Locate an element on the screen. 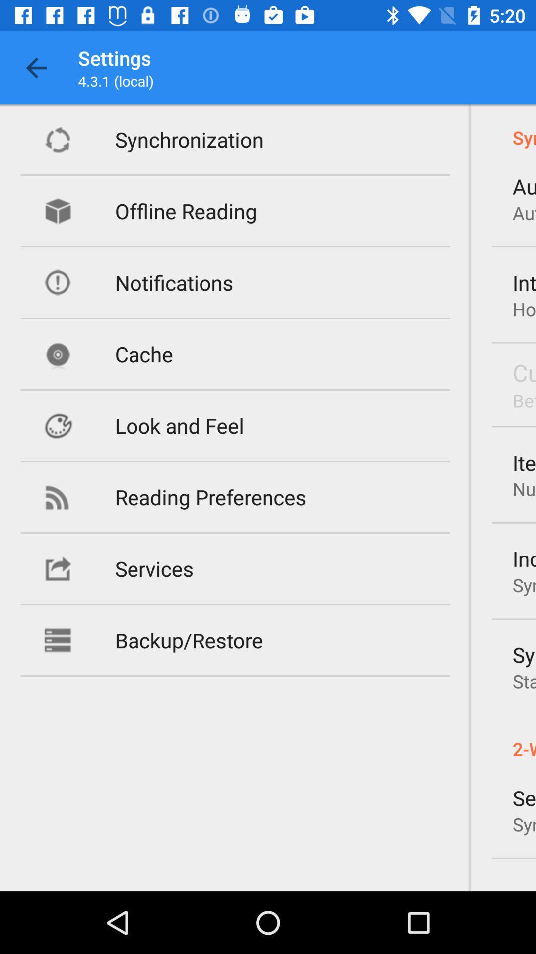 The height and width of the screenshot is (954, 536). item to the right of the backup/restore is located at coordinates (524, 654).